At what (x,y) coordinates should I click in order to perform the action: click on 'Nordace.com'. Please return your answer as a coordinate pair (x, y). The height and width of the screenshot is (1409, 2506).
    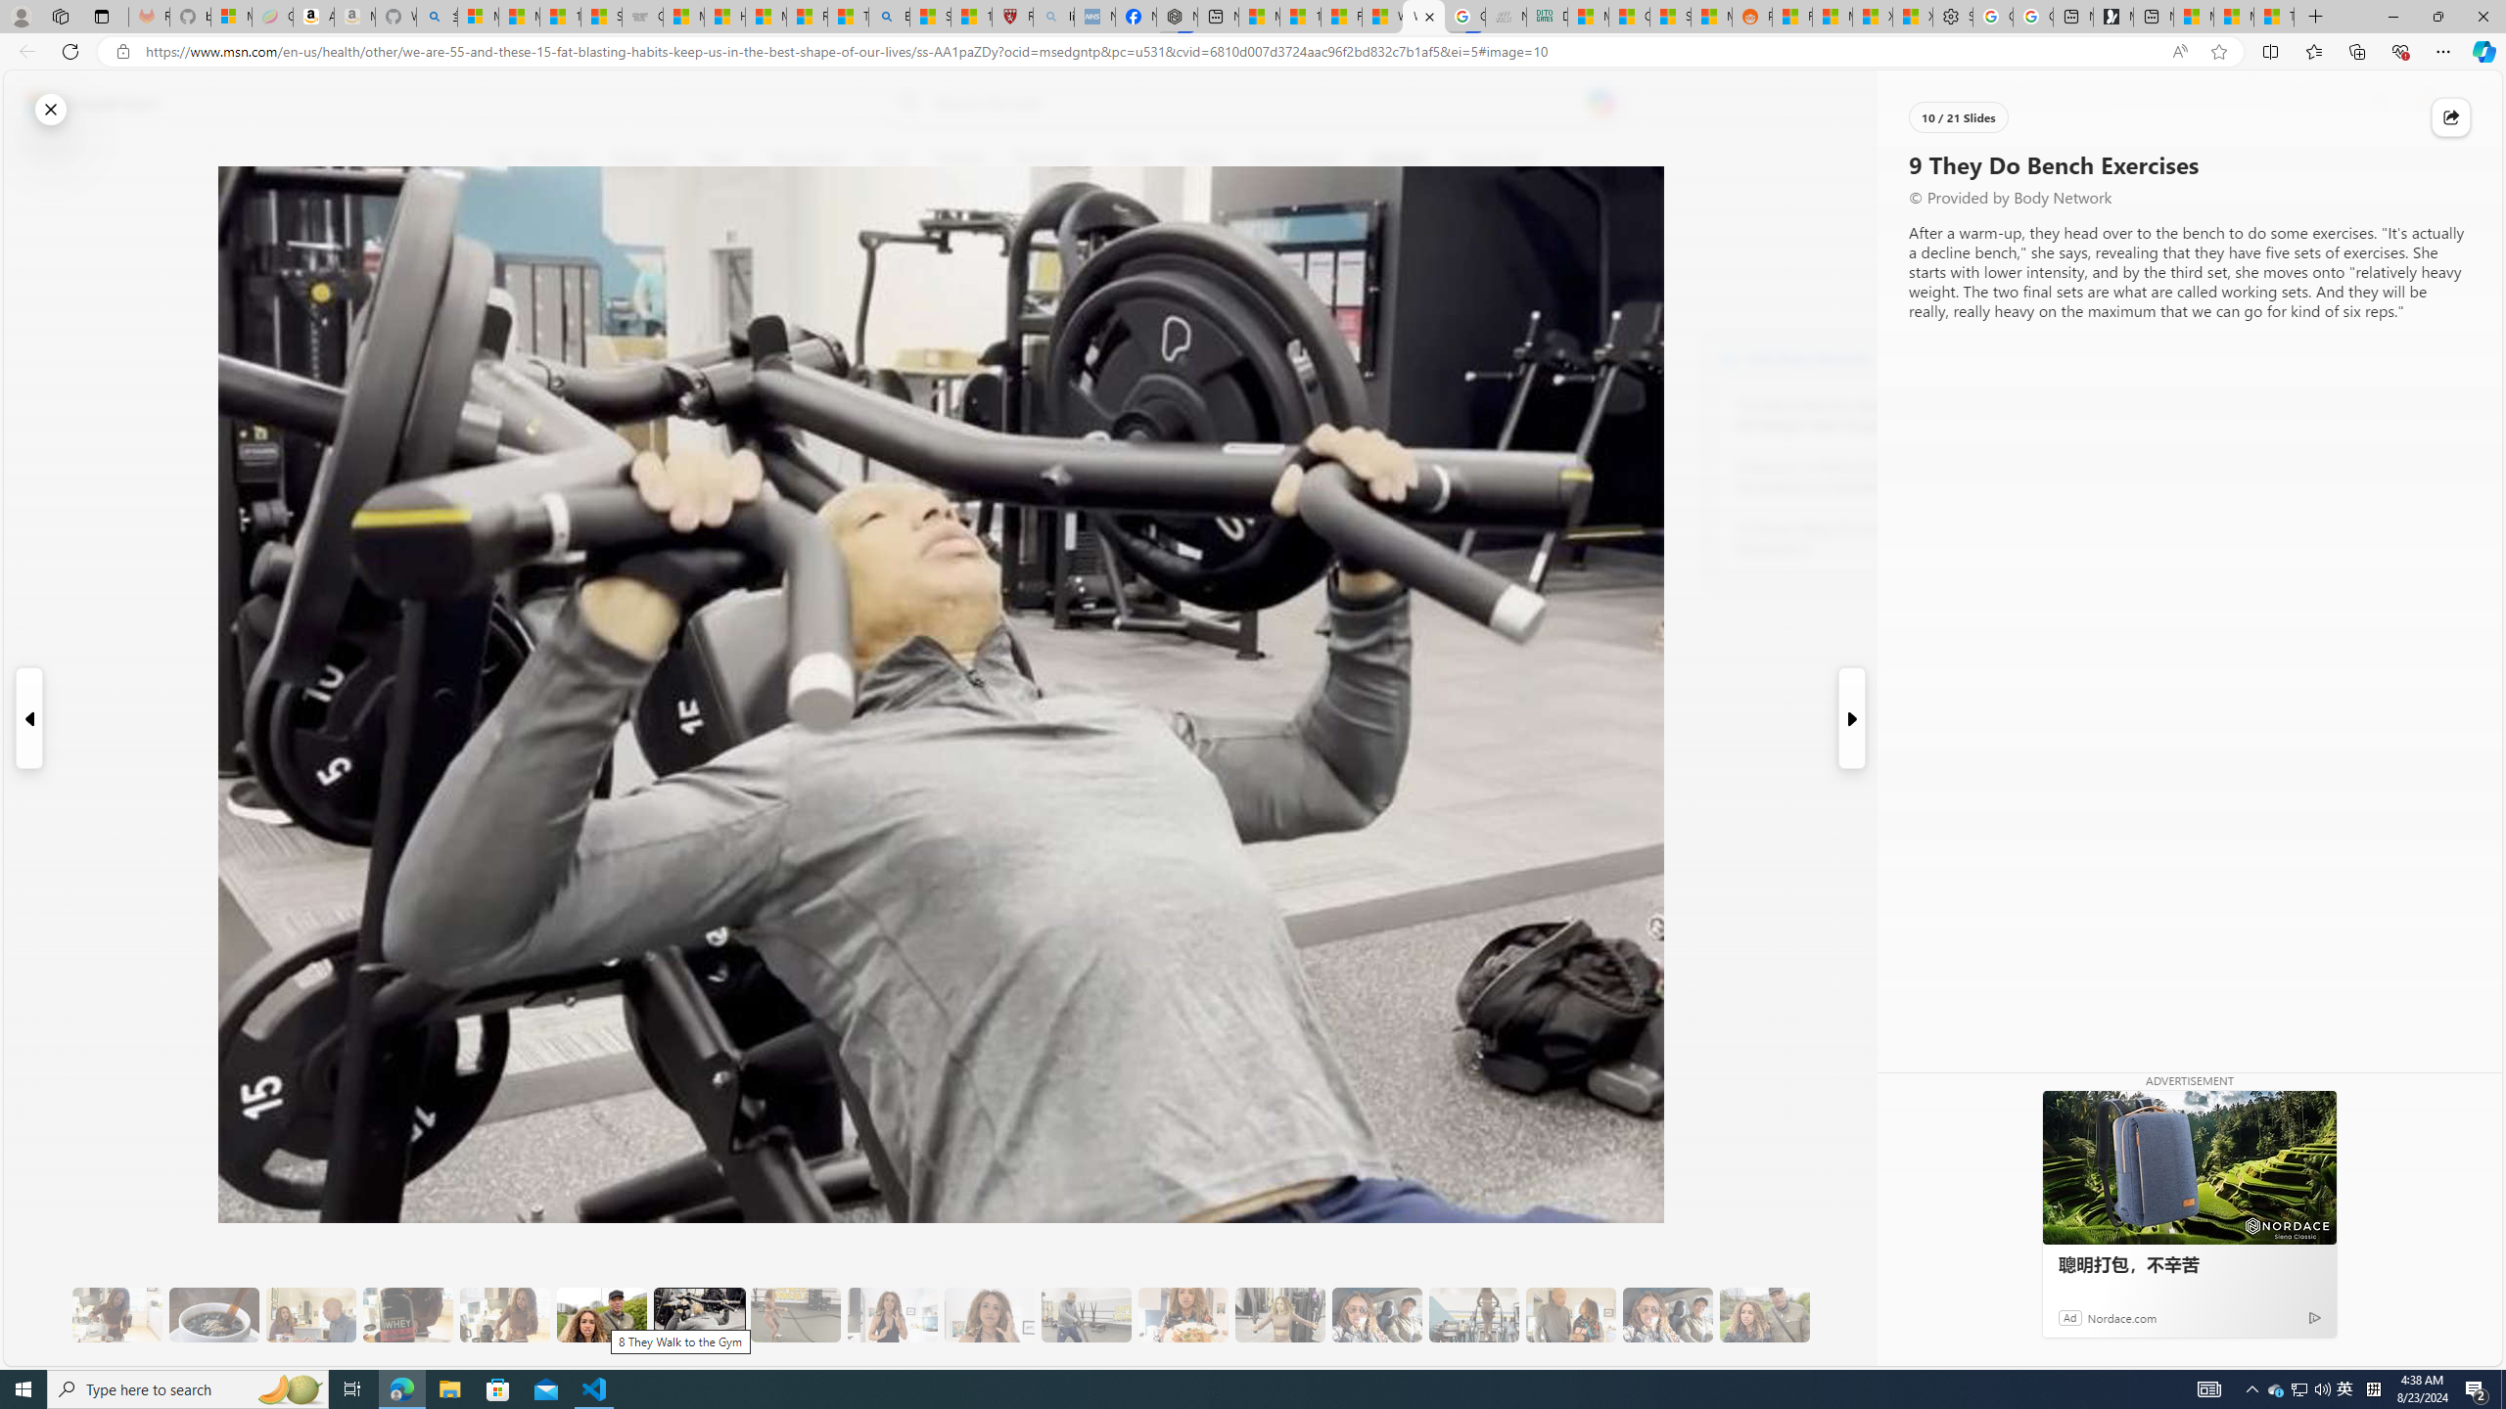
    Looking at the image, I should click on (2122, 1316).